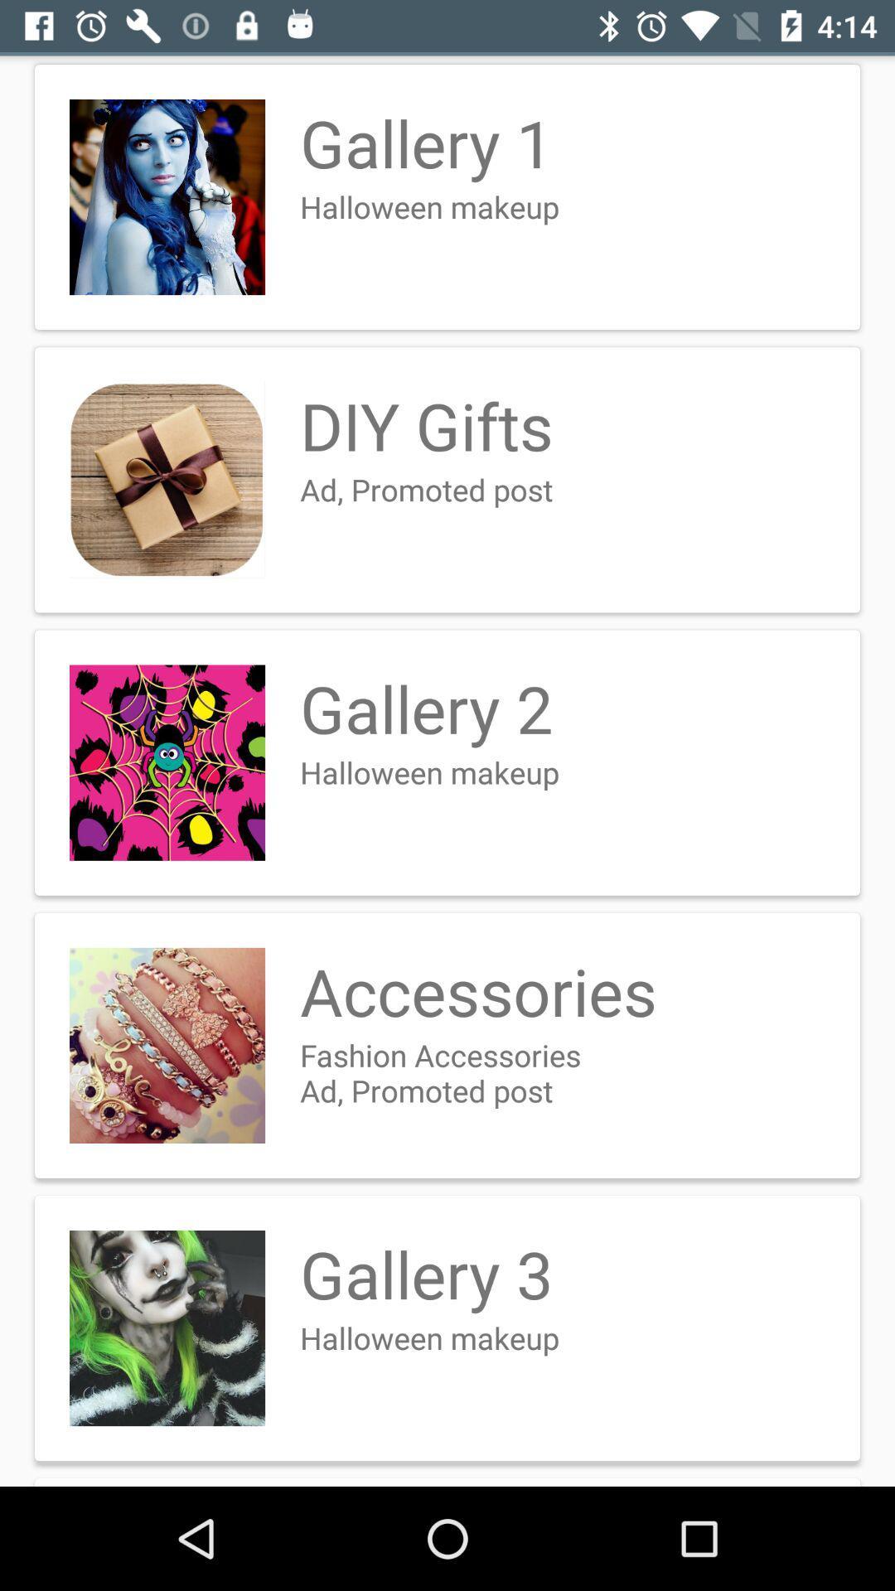 This screenshot has width=895, height=1591. Describe the element at coordinates (167, 762) in the screenshot. I see `image left to gallery 2` at that location.